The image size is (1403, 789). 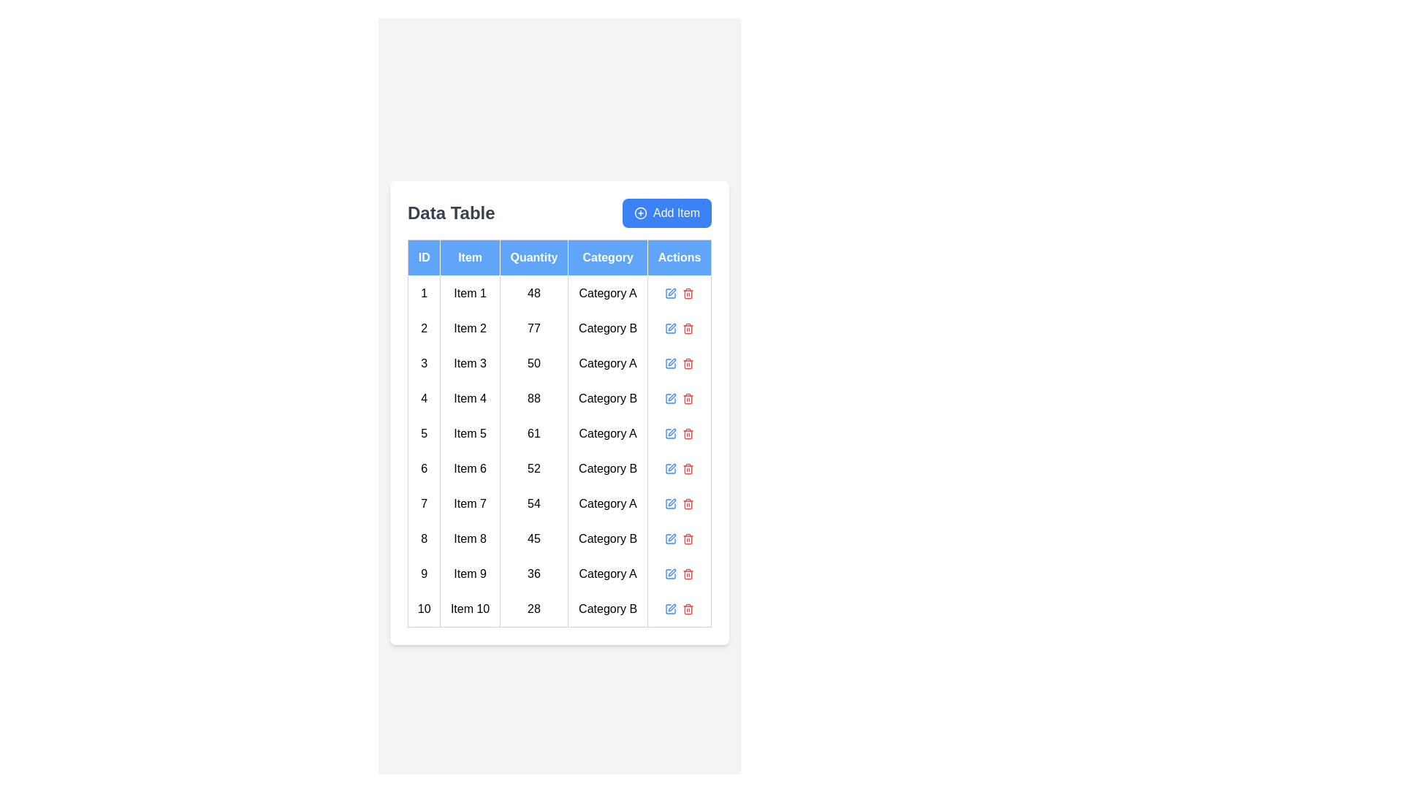 I want to click on the delete button represented by a red trash bin icon in the second row of the 'Actions' column, so click(x=679, y=327).